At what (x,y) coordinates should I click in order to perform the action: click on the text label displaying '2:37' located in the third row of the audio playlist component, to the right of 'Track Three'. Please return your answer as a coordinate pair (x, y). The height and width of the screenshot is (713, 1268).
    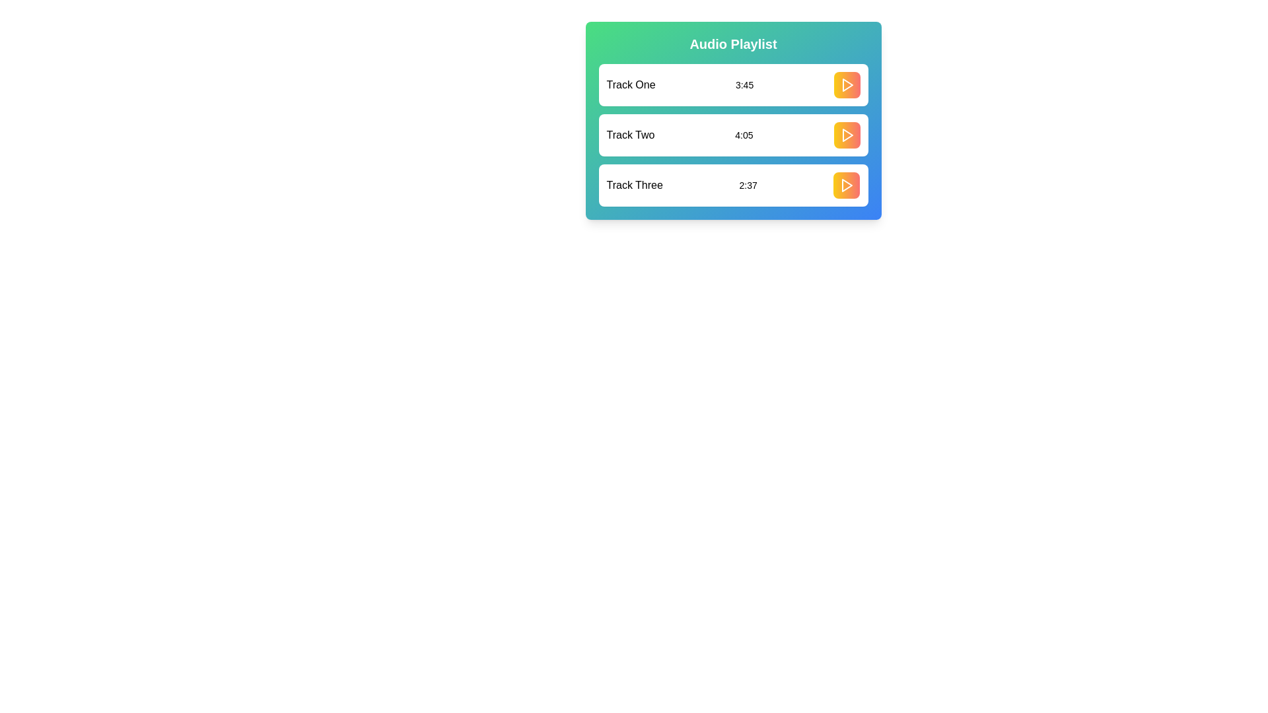
    Looking at the image, I should click on (748, 186).